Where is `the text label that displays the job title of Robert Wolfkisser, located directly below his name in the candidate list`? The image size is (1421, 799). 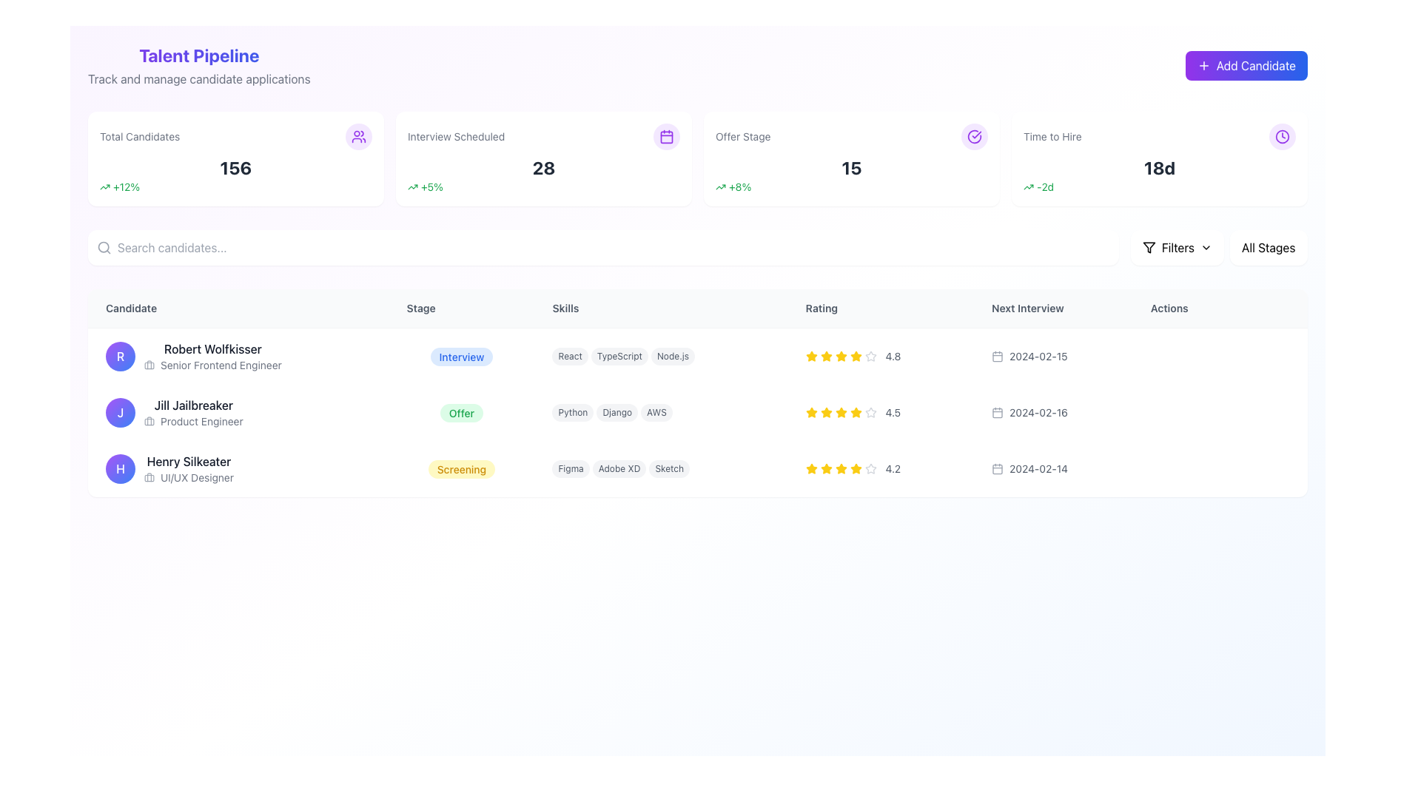
the text label that displays the job title of Robert Wolfkisser, located directly below his name in the candidate list is located at coordinates (220, 365).